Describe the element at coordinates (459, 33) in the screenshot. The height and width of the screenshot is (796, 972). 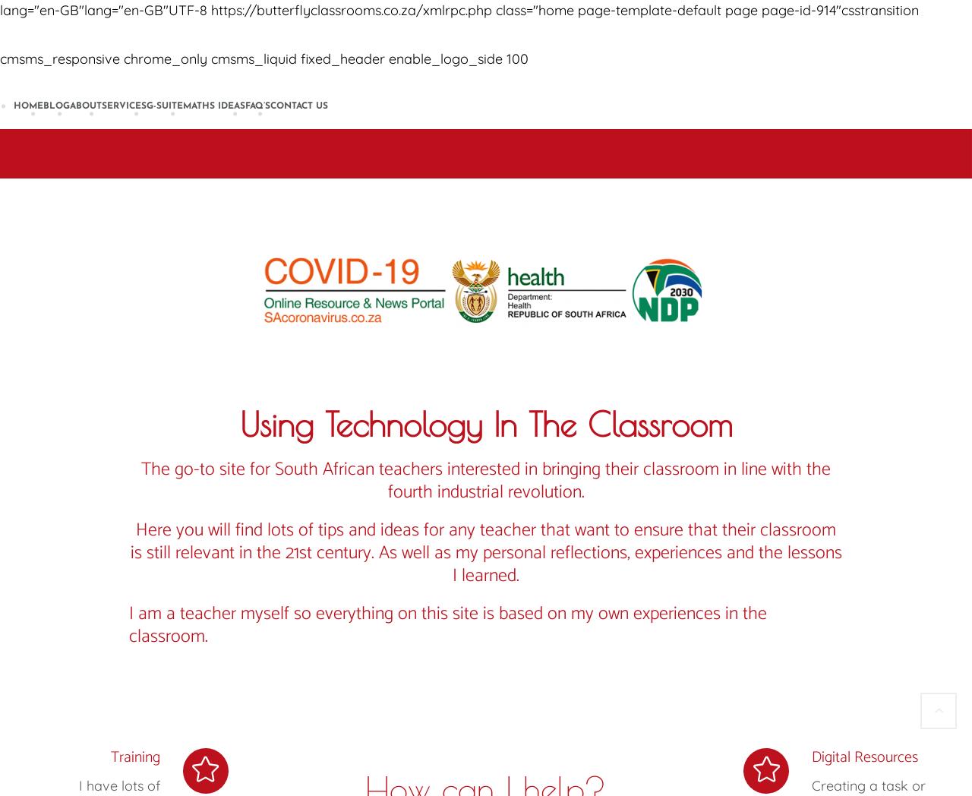
I see `'class="home page-template-default page page-id-914"csstransition cmsms_responsive chrome_only cmsms_liquid fixed_header enable_logo_side 100'` at that location.